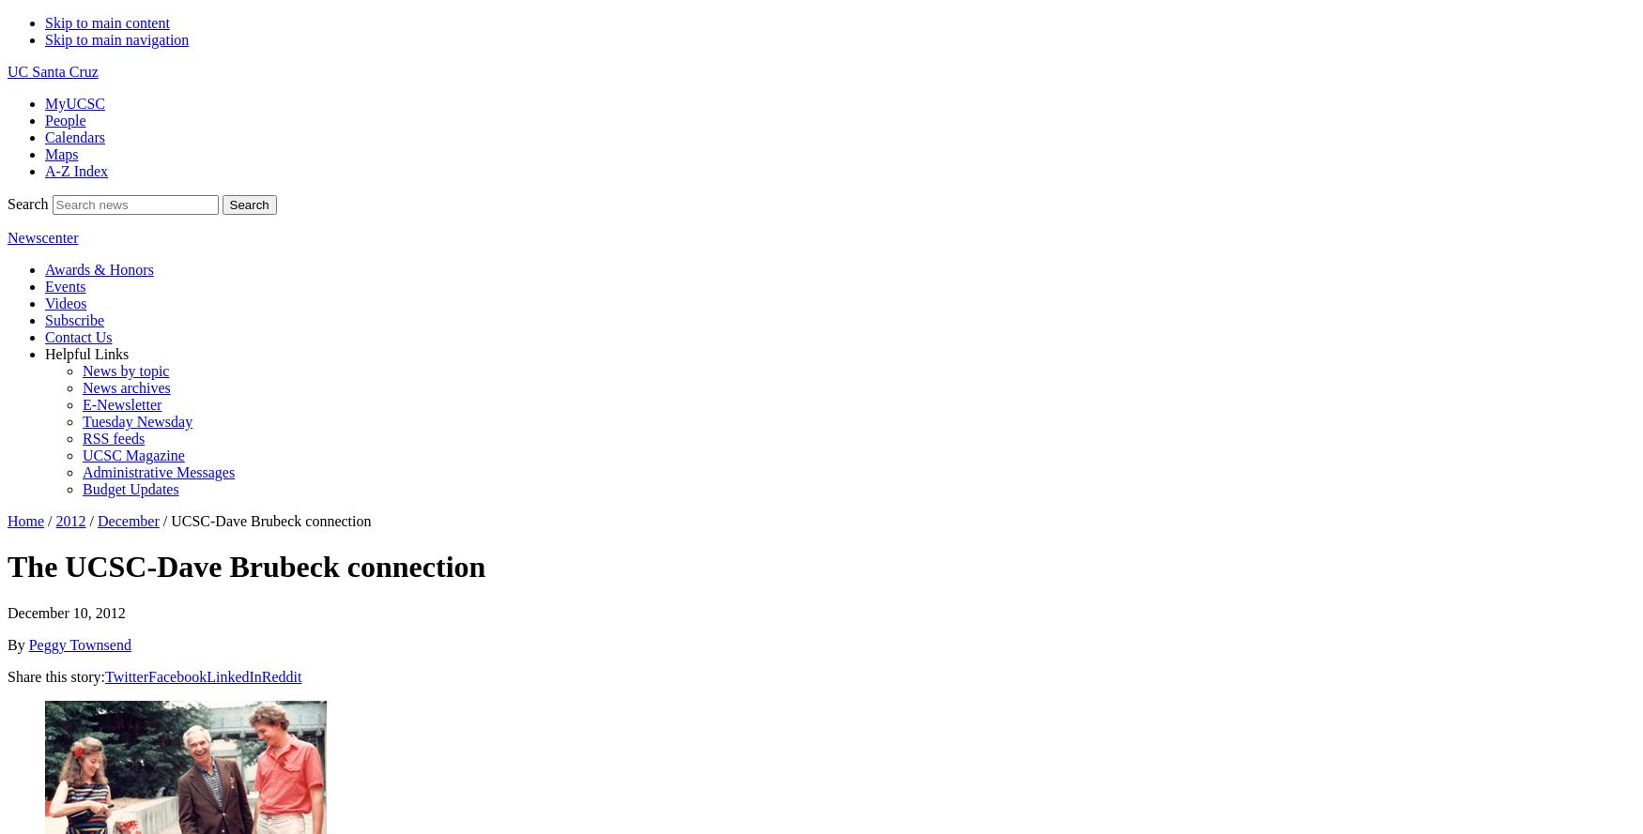 This screenshot has height=834, width=1643. What do you see at coordinates (76, 171) in the screenshot?
I see `'A-Z Index'` at bounding box center [76, 171].